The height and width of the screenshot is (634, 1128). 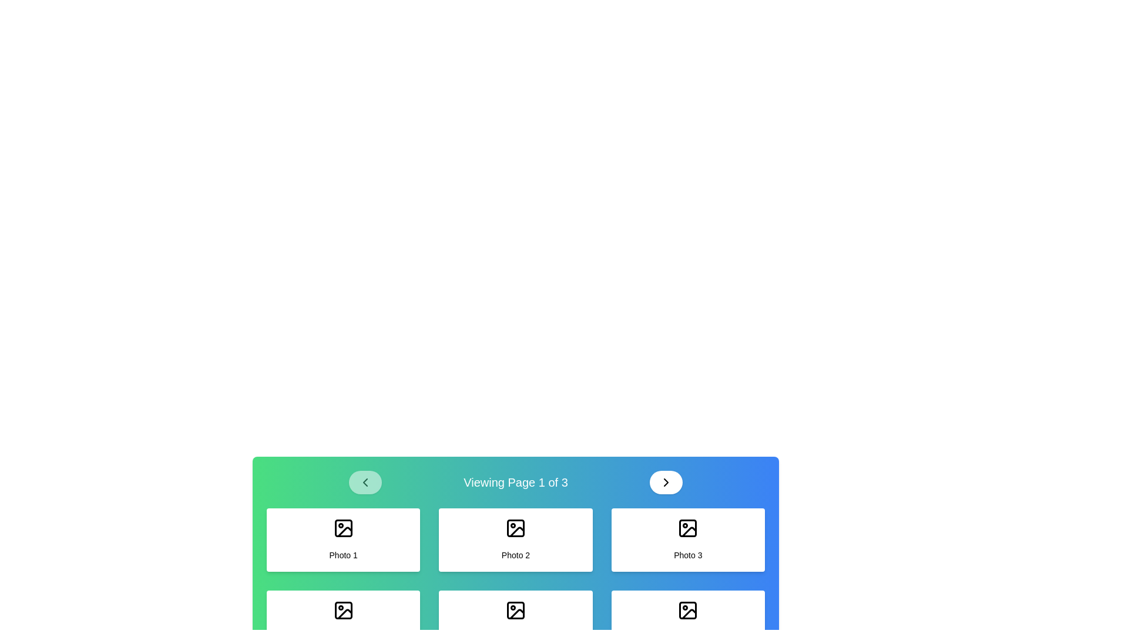 I want to click on the second card in the first row of the image gallery labeled 'Photo 2', so click(x=515, y=540).